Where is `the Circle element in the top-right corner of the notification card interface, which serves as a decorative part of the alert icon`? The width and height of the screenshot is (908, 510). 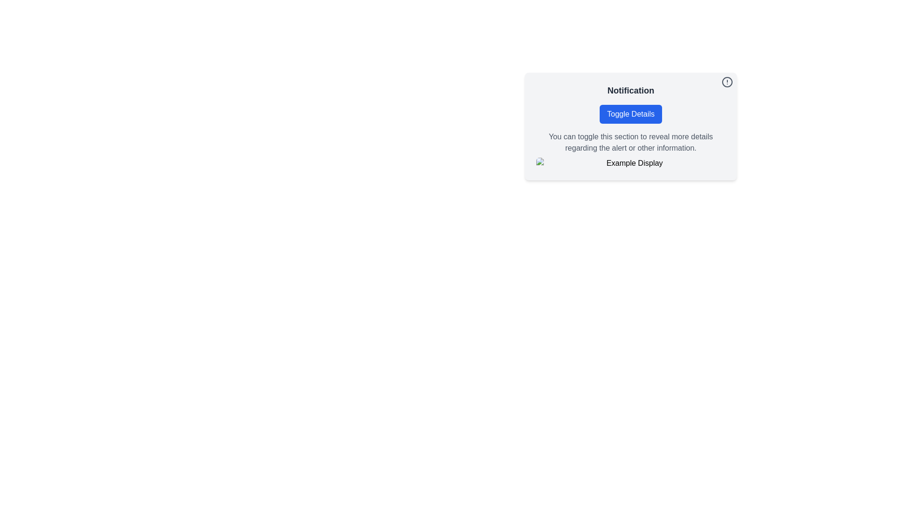
the Circle element in the top-right corner of the notification card interface, which serves as a decorative part of the alert icon is located at coordinates (726, 81).